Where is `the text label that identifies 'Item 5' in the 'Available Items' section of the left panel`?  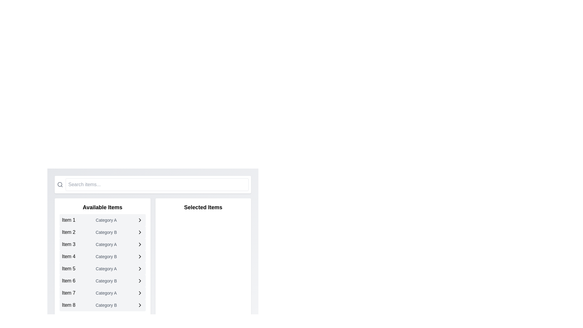 the text label that identifies 'Item 5' in the 'Available Items' section of the left panel is located at coordinates (69, 268).